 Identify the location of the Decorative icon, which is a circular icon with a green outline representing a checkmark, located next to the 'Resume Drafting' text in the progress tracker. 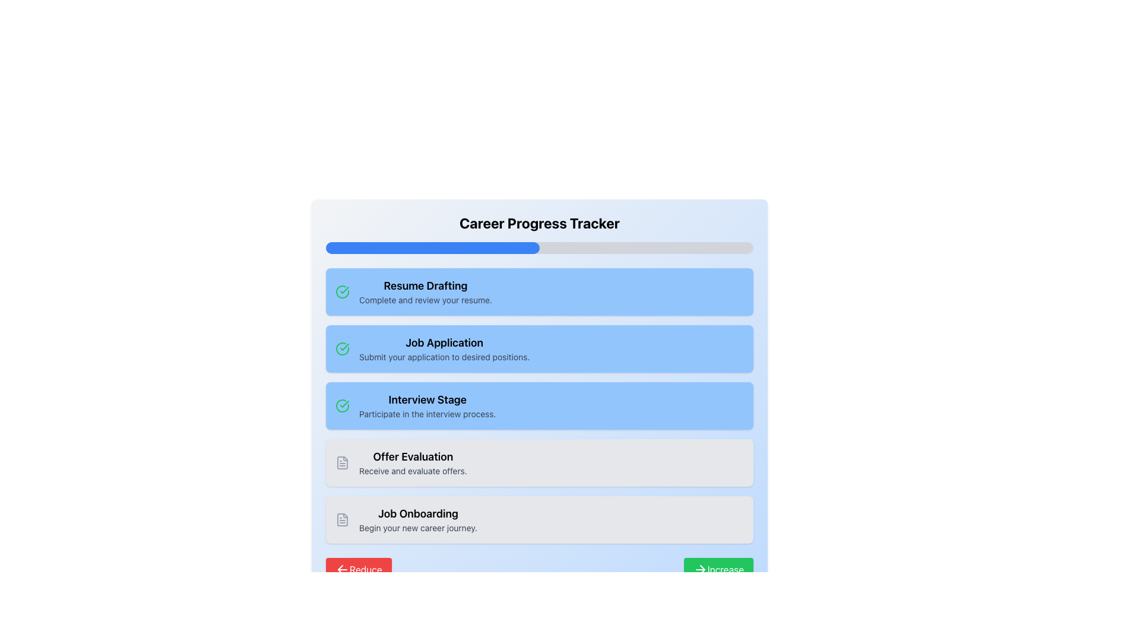
(341, 348).